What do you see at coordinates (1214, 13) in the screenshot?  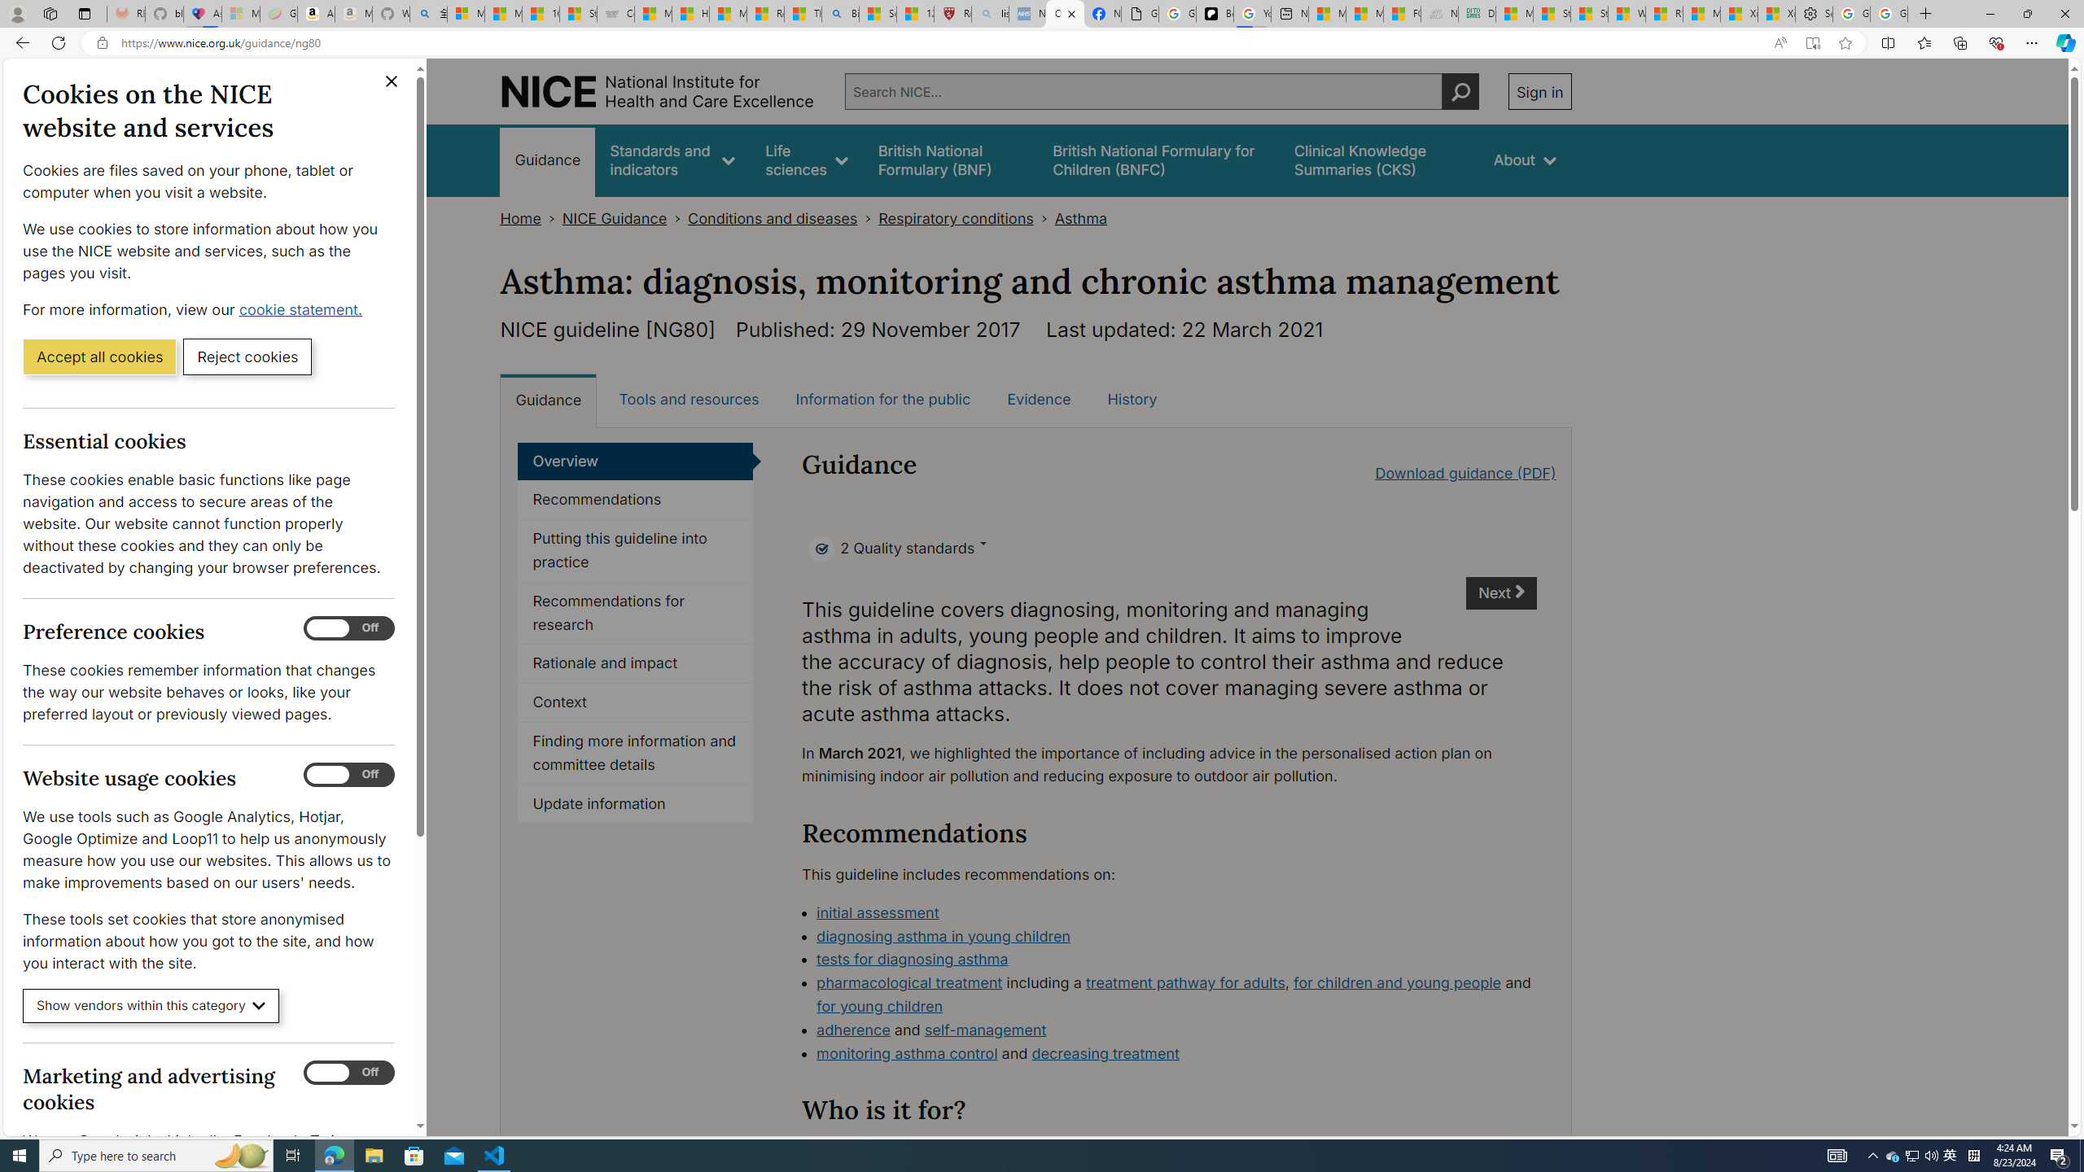 I see `'Be Smart | creating Science videos | Patreon'` at bounding box center [1214, 13].